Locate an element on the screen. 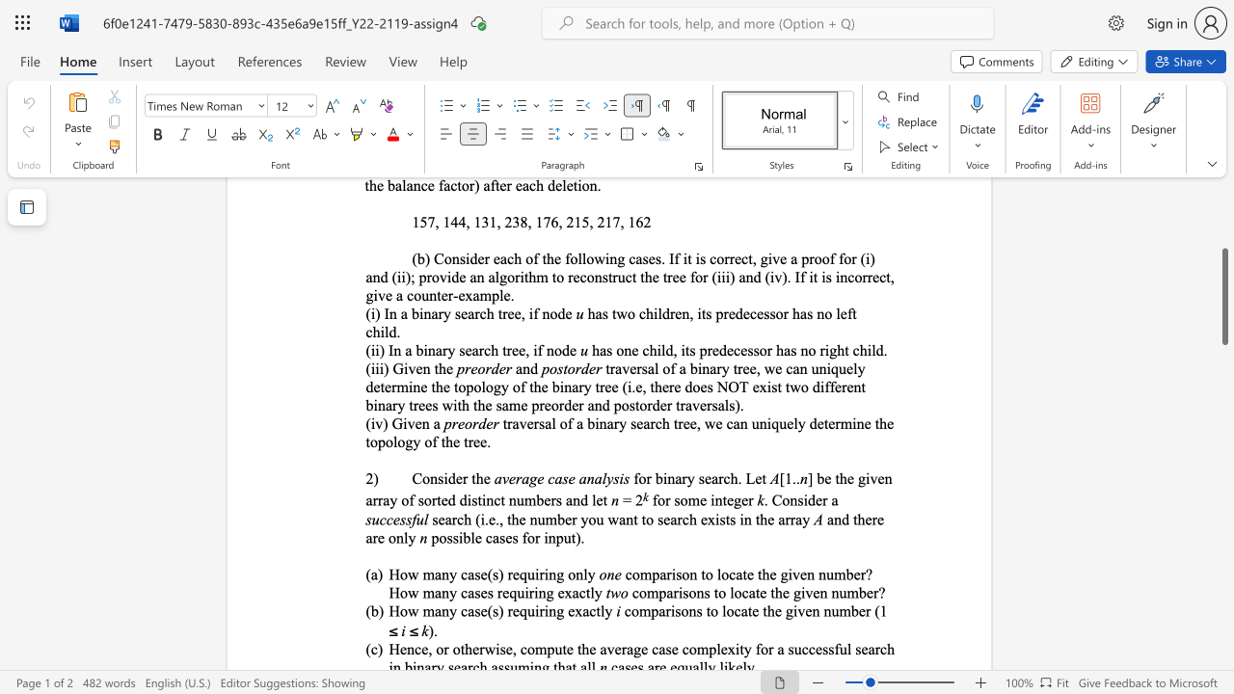 The image size is (1234, 694). the subset text "er" within the text "comparisons to locate the given number (1" is located at coordinates (857, 611).